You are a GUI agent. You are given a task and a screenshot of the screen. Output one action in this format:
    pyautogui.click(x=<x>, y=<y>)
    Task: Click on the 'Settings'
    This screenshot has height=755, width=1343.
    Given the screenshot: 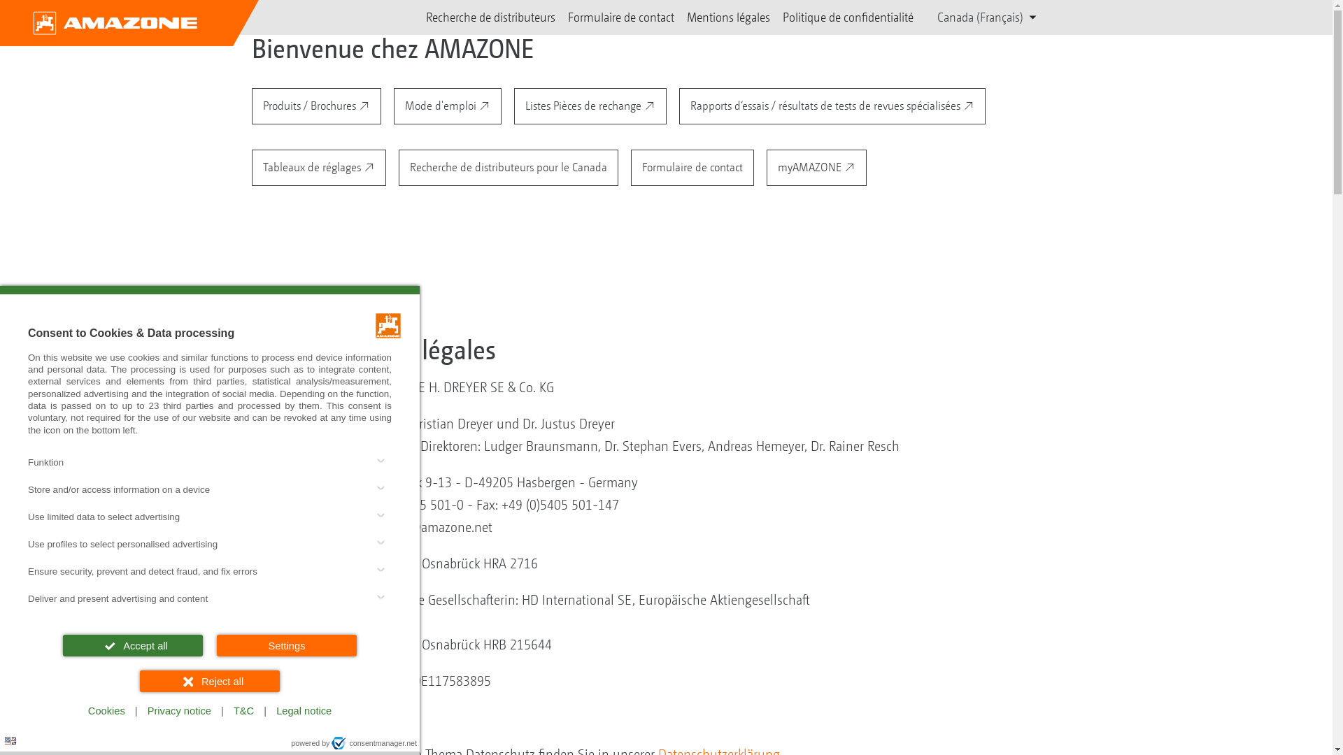 What is the action you would take?
    pyautogui.click(x=216, y=645)
    